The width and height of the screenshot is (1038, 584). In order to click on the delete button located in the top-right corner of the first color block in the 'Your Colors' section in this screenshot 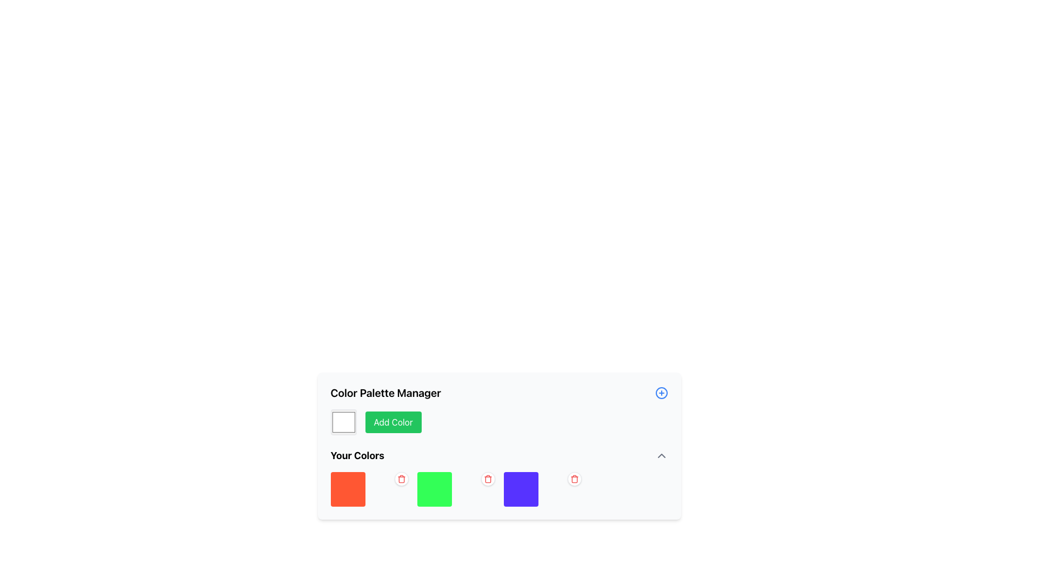, I will do `click(401, 479)`.